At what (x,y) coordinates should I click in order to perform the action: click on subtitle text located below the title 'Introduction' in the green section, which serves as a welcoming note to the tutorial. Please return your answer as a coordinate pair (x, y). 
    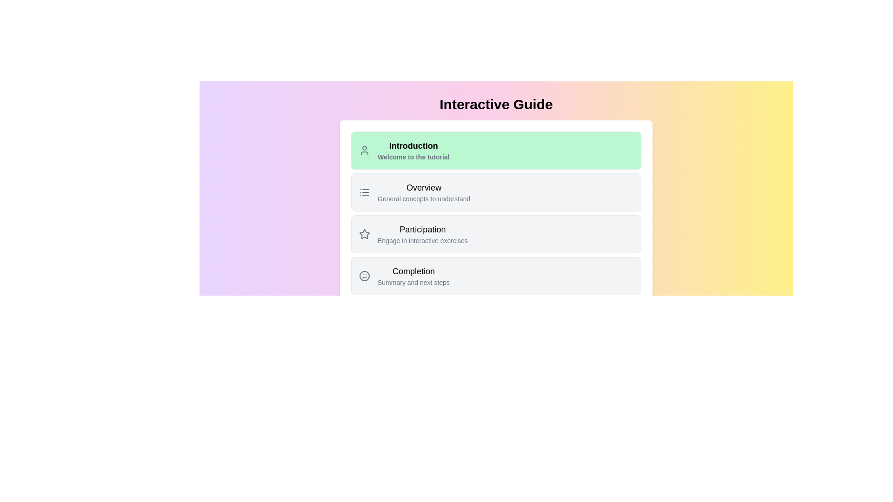
    Looking at the image, I should click on (413, 157).